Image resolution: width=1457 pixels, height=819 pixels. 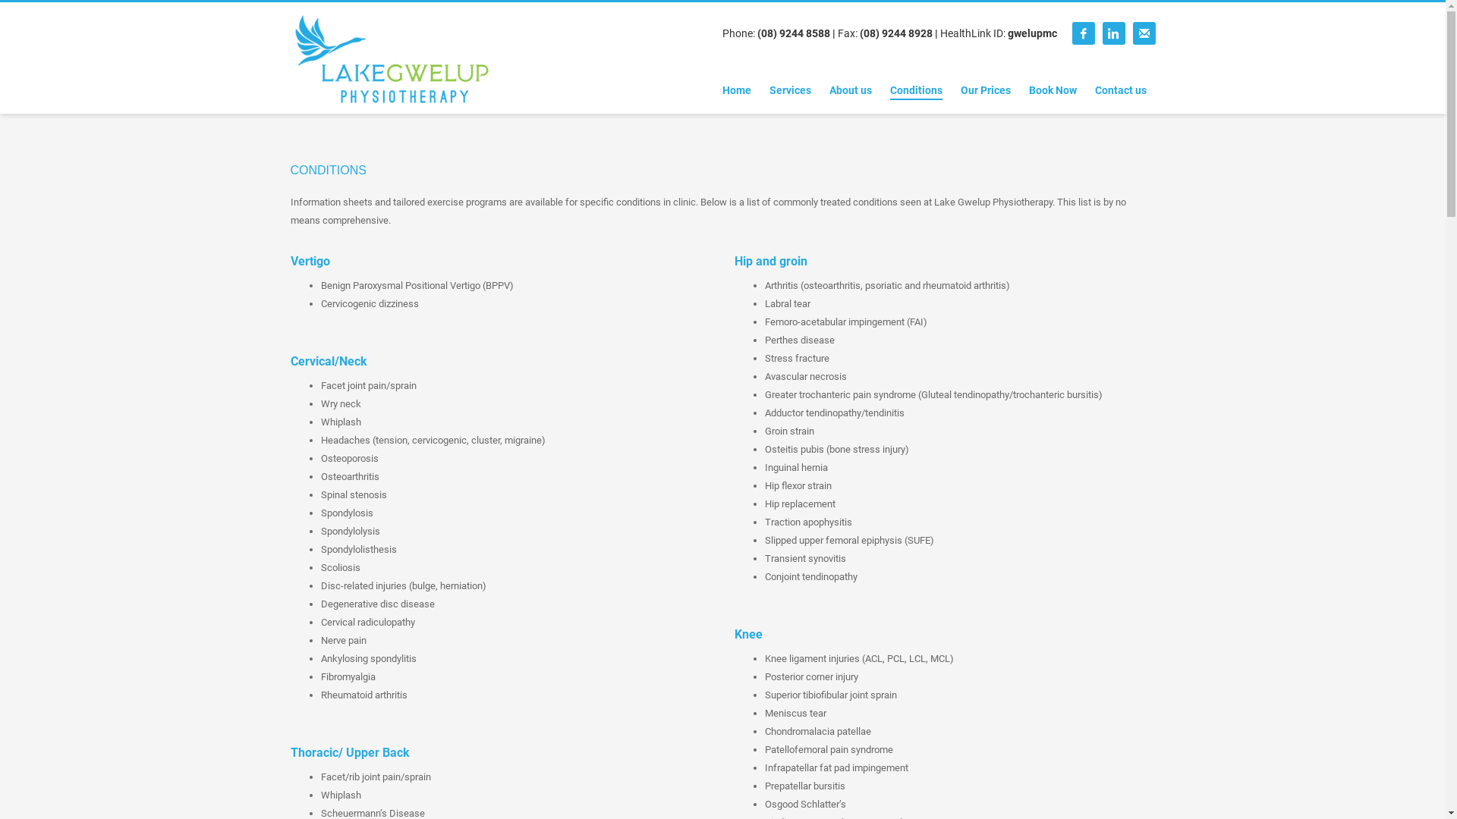 I want to click on 'Home', so click(x=736, y=90).